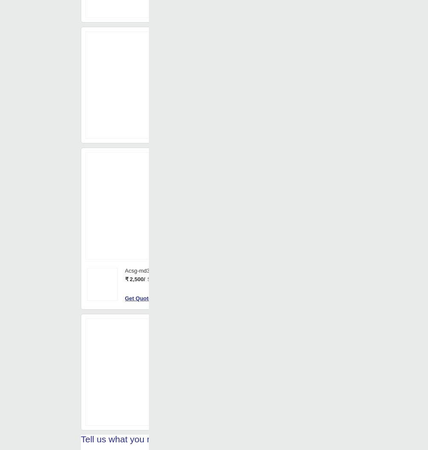 The image size is (428, 450). What do you see at coordinates (233, 23) in the screenshot?
I see `':  Any shape'` at bounding box center [233, 23].